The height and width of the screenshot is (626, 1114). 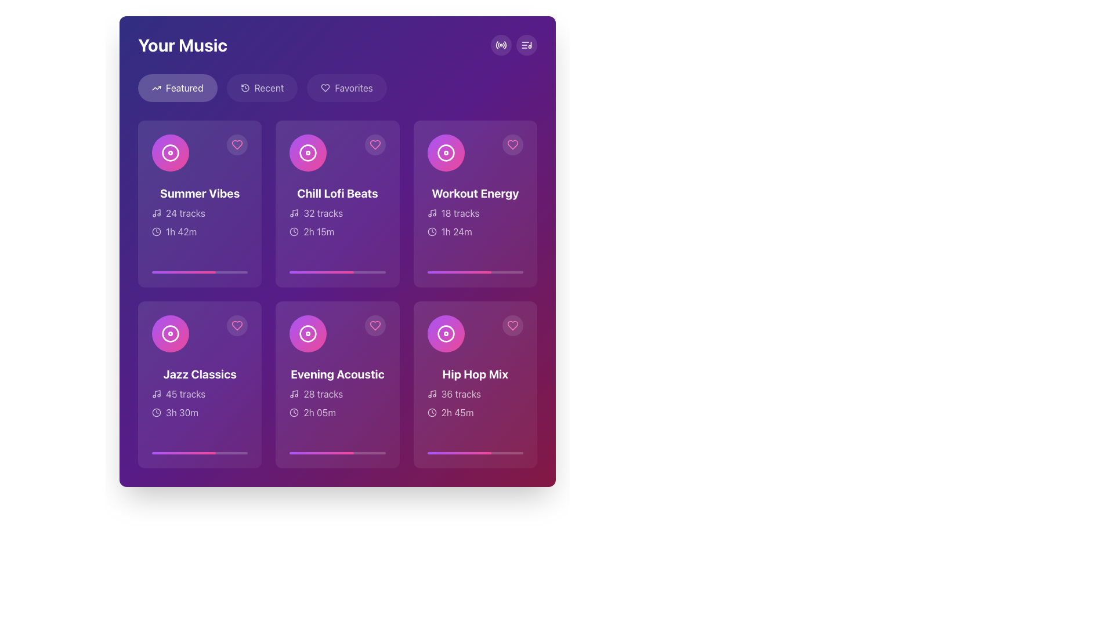 What do you see at coordinates (353, 87) in the screenshot?
I see `the text label within the 'Favorites' button located at the top center of the interface` at bounding box center [353, 87].